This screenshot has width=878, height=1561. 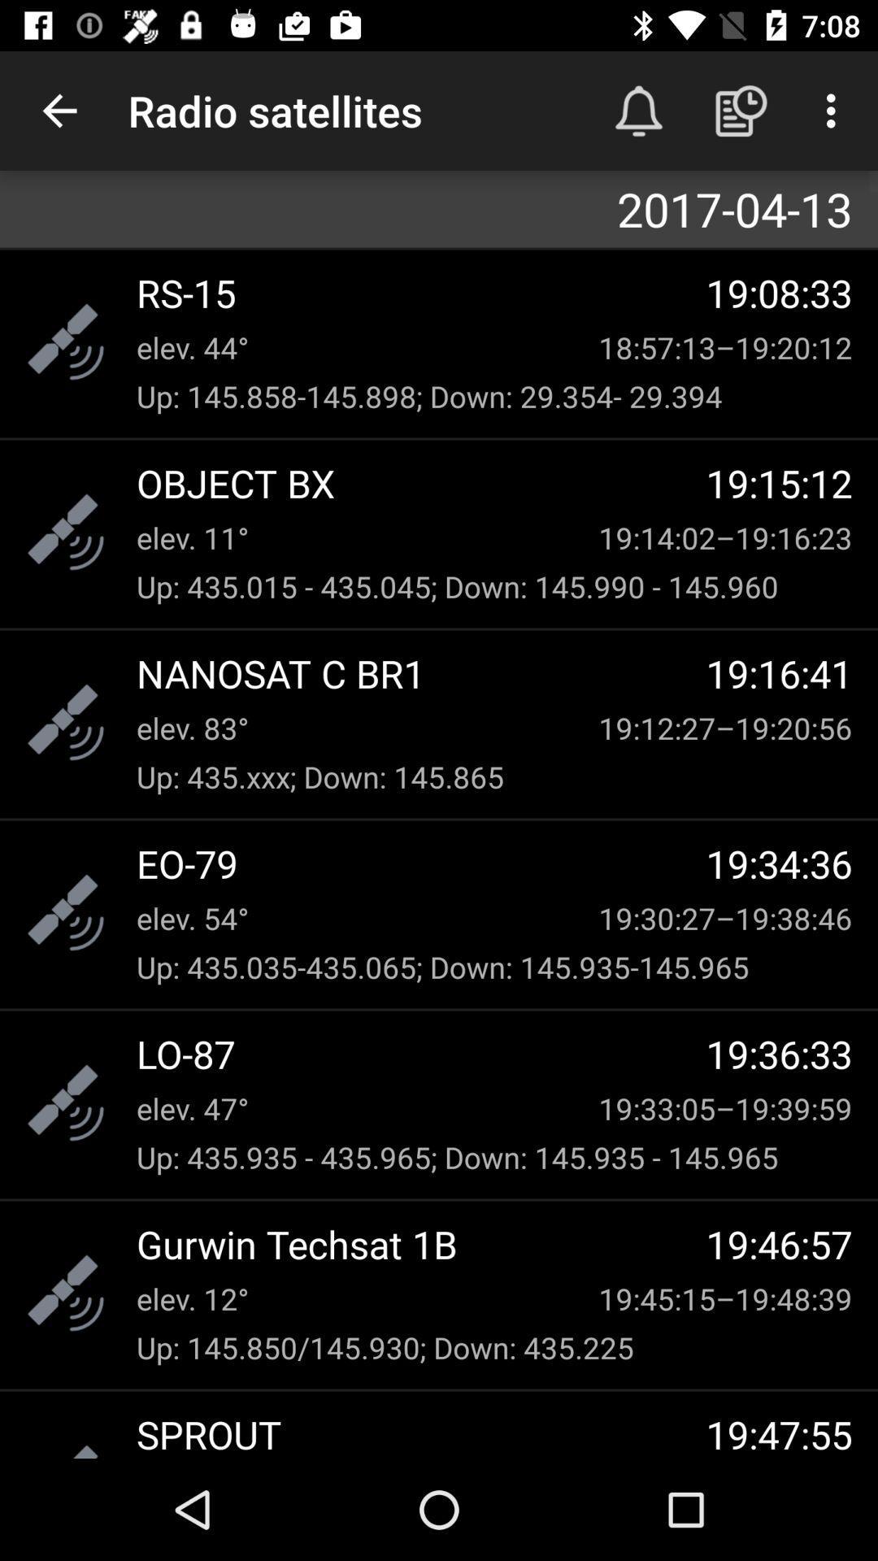 What do you see at coordinates (420, 1433) in the screenshot?
I see `icon next to 19:47:55 icon` at bounding box center [420, 1433].